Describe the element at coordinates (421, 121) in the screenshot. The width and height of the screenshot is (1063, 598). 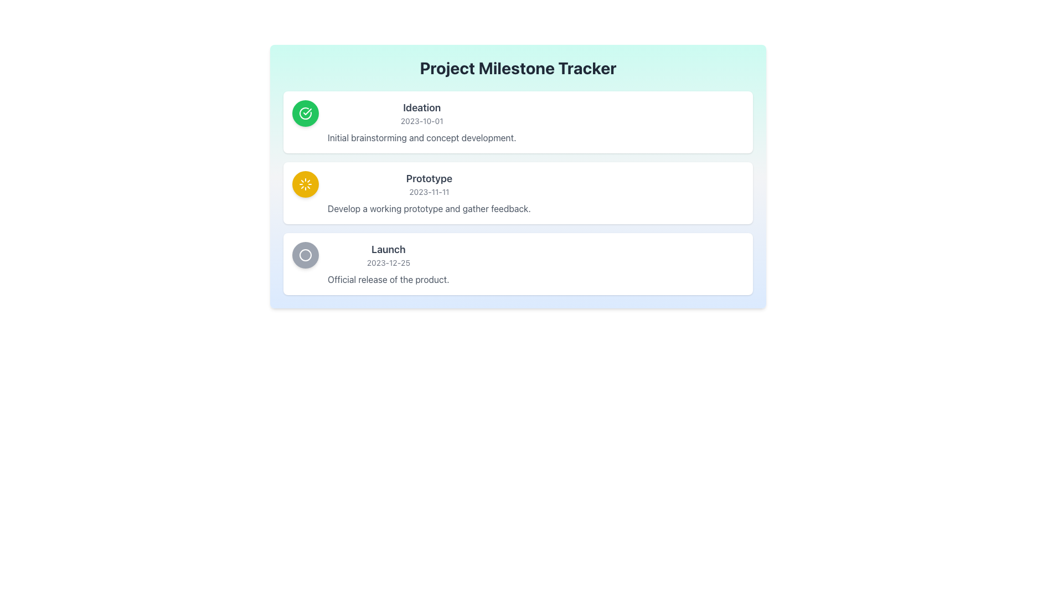
I see `date information from the text label located centrally below the 'Ideation' title and above the descriptive text` at that location.